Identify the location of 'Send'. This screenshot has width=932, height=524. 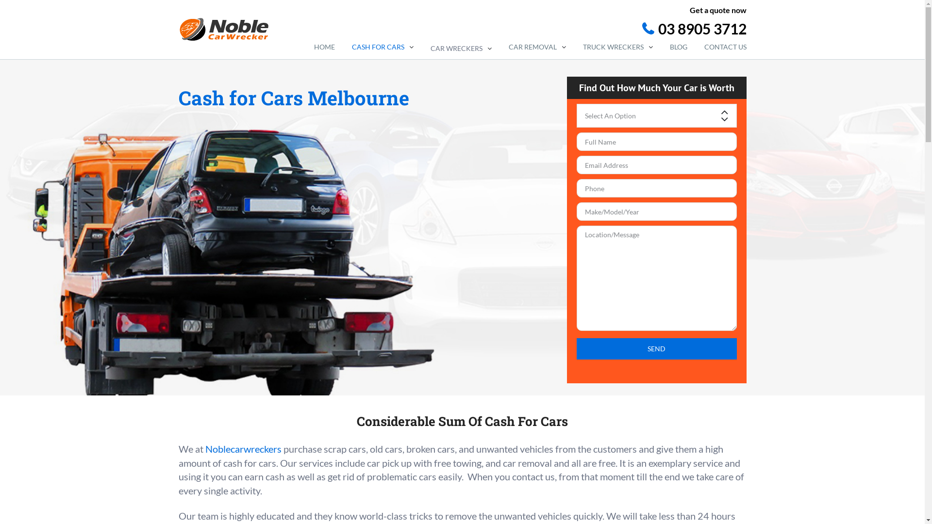
(657, 348).